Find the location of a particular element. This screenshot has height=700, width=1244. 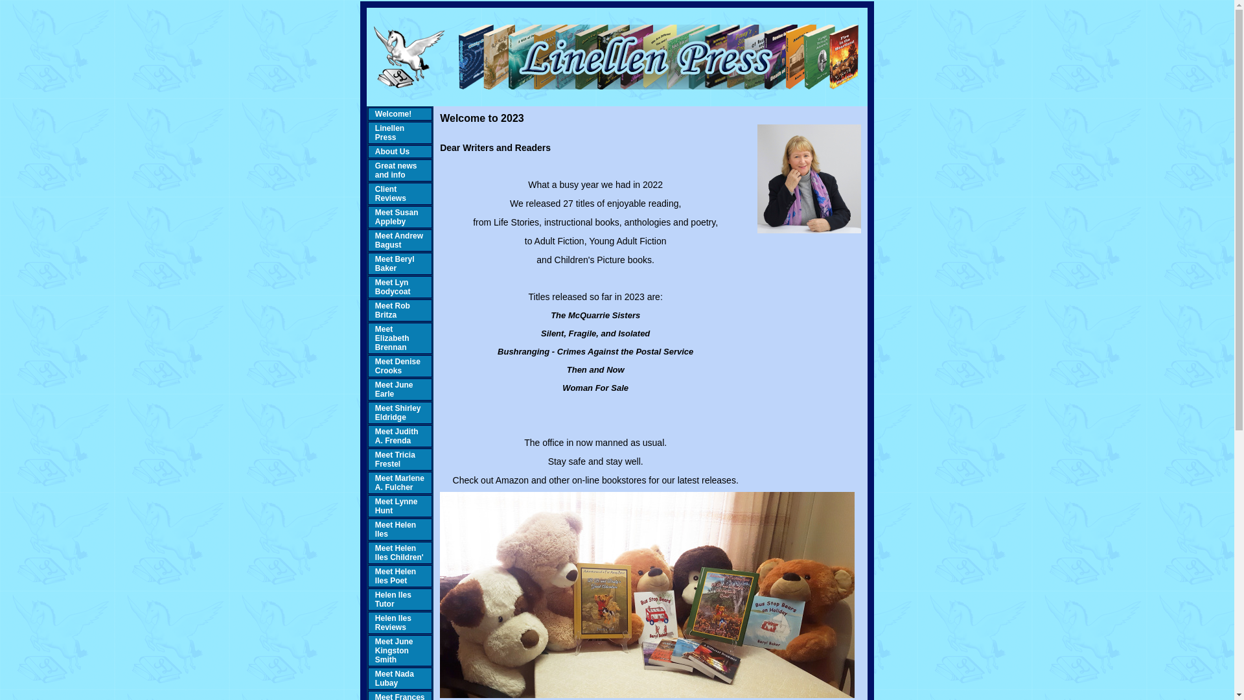

'Meet Rob Britza' is located at coordinates (374, 310).